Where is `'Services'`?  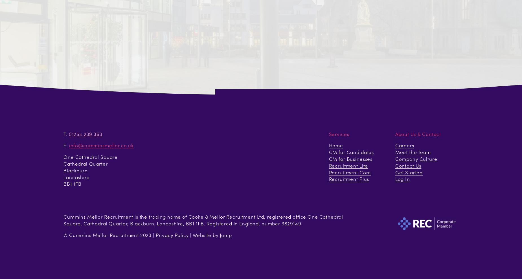
'Services' is located at coordinates (339, 133).